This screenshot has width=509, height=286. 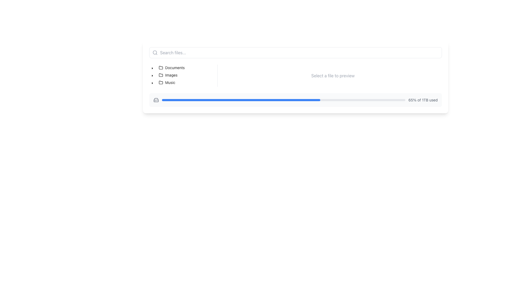 I want to click on the horizontal progress bar that indicates 65% progress, styled in blue, located within a card displaying '65% of 1TB used.', so click(x=283, y=100).